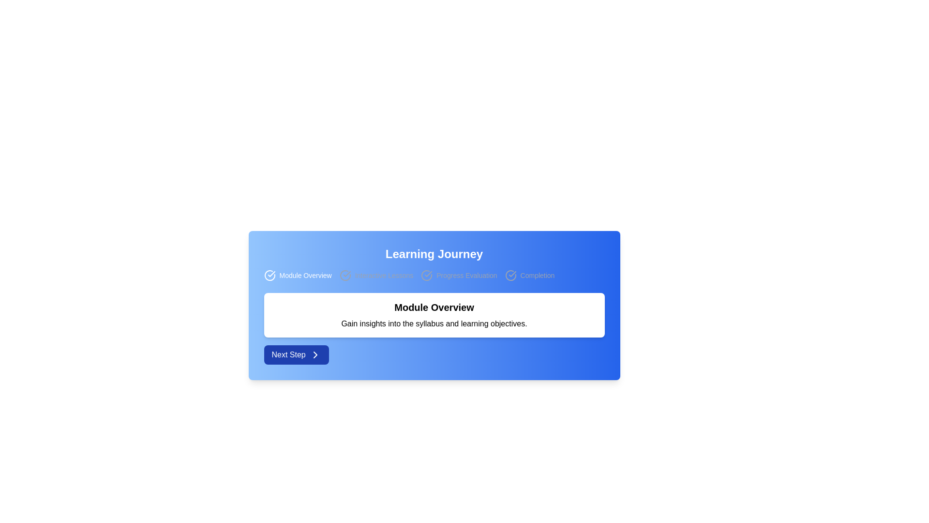 This screenshot has width=929, height=523. What do you see at coordinates (375, 276) in the screenshot?
I see `the 'Interactive Lessons' text label with associated icon` at bounding box center [375, 276].